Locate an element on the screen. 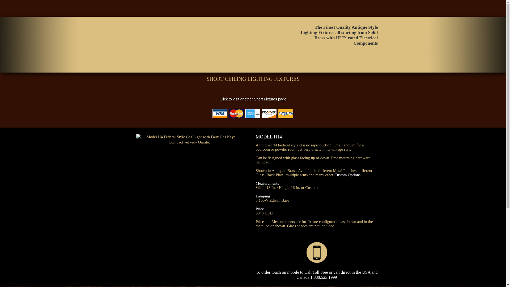  'Custom Options' is located at coordinates (347, 175).